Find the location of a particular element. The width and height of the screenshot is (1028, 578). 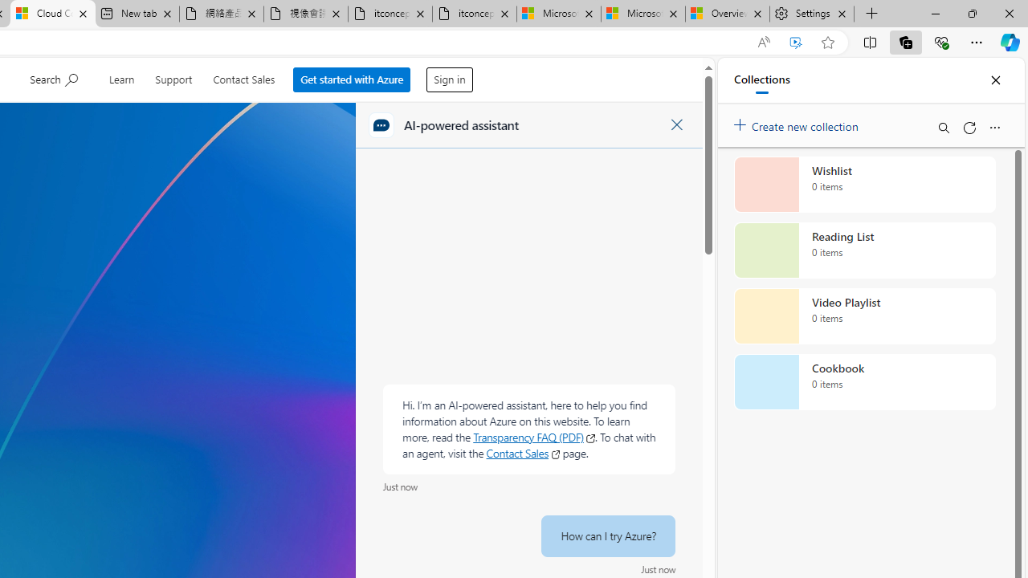

'More options menu' is located at coordinates (993, 127).